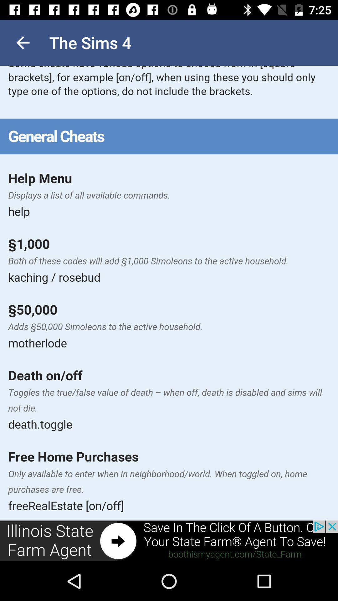 The height and width of the screenshot is (601, 338). I want to click on copy text, so click(169, 293).